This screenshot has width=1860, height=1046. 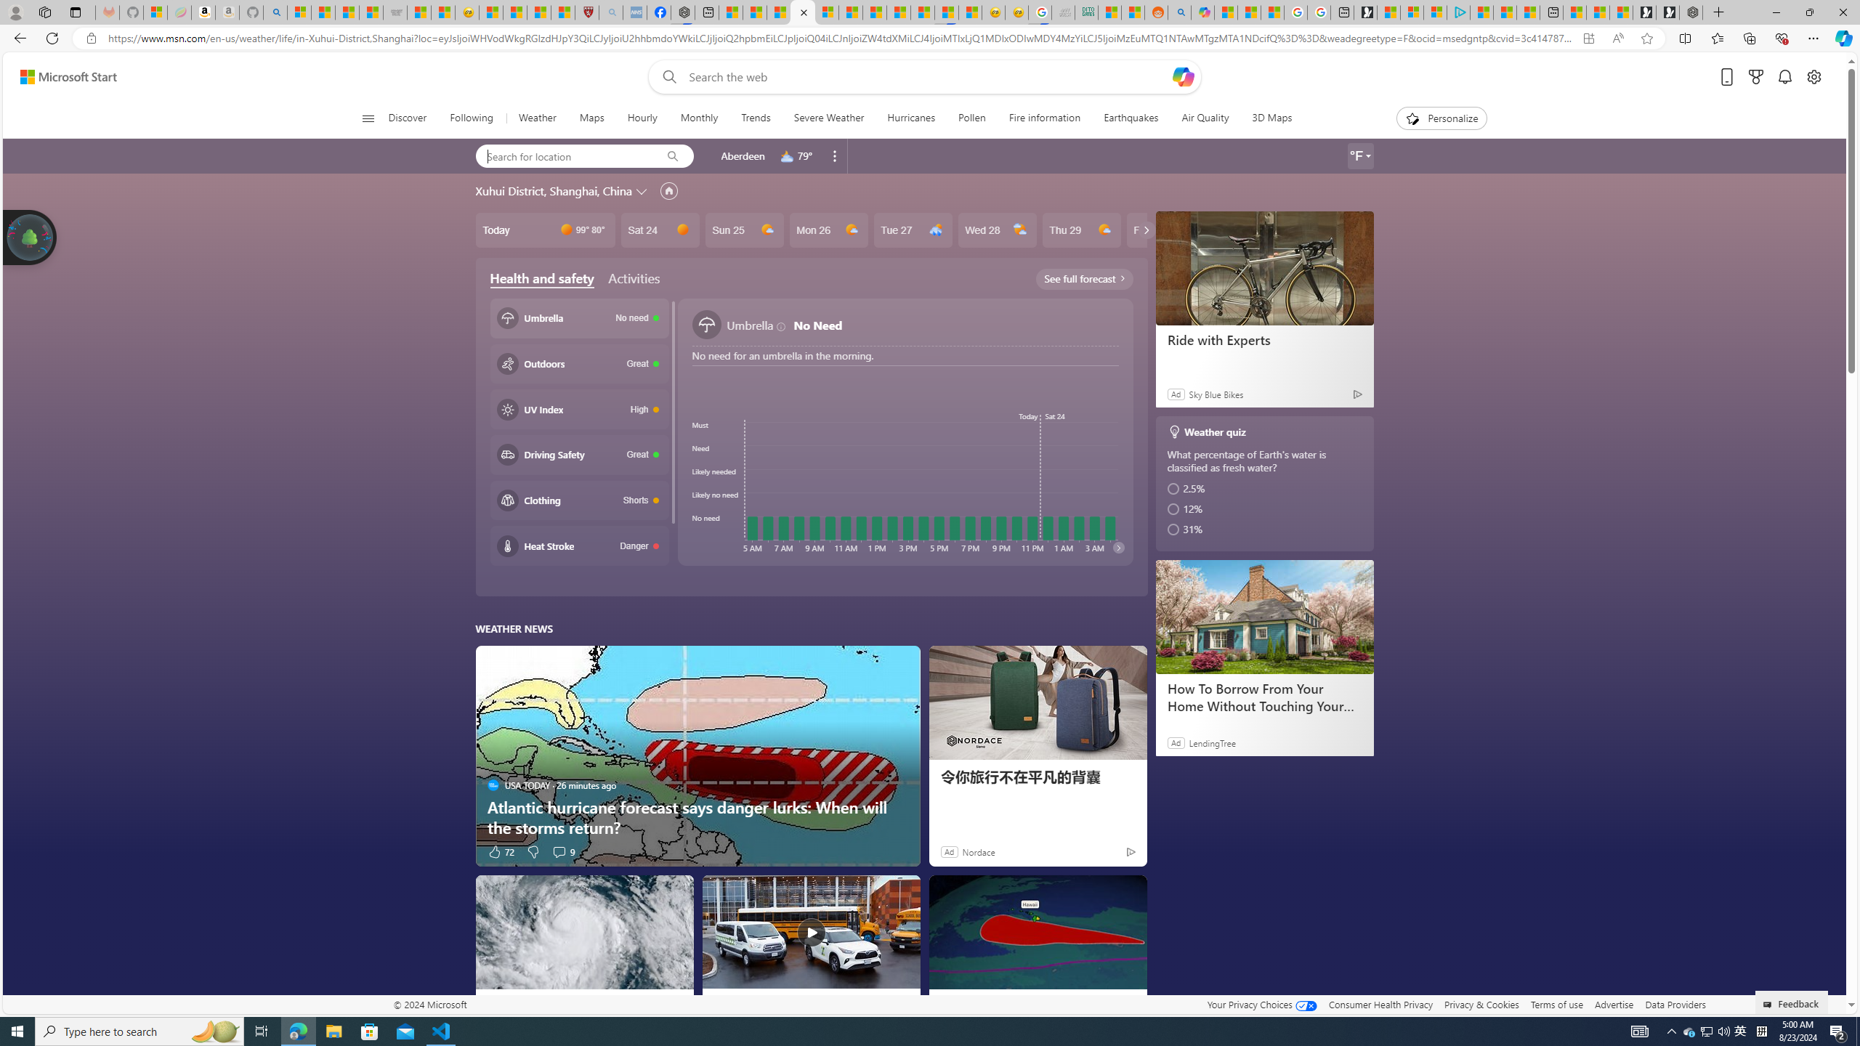 I want to click on 'Monthly', so click(x=699, y=118).